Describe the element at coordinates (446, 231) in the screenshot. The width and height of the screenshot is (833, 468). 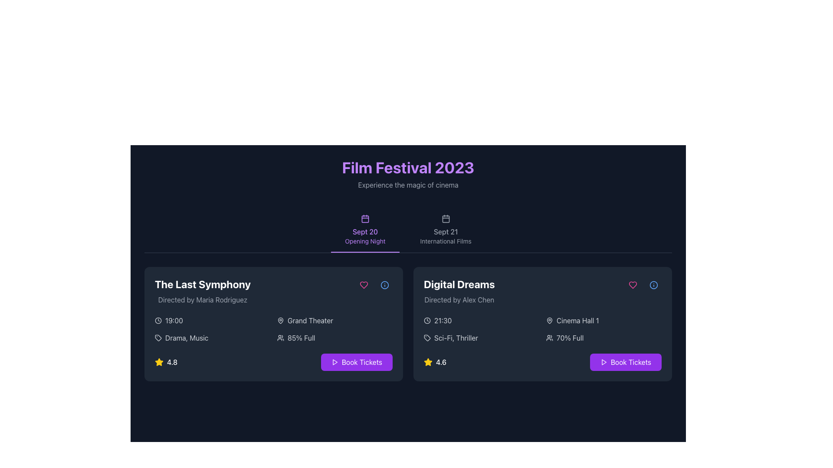
I see `the text label displaying 'Sept 21', which is styled in light gray and centered above 'International Films', indicating the main date representation for the section` at that location.